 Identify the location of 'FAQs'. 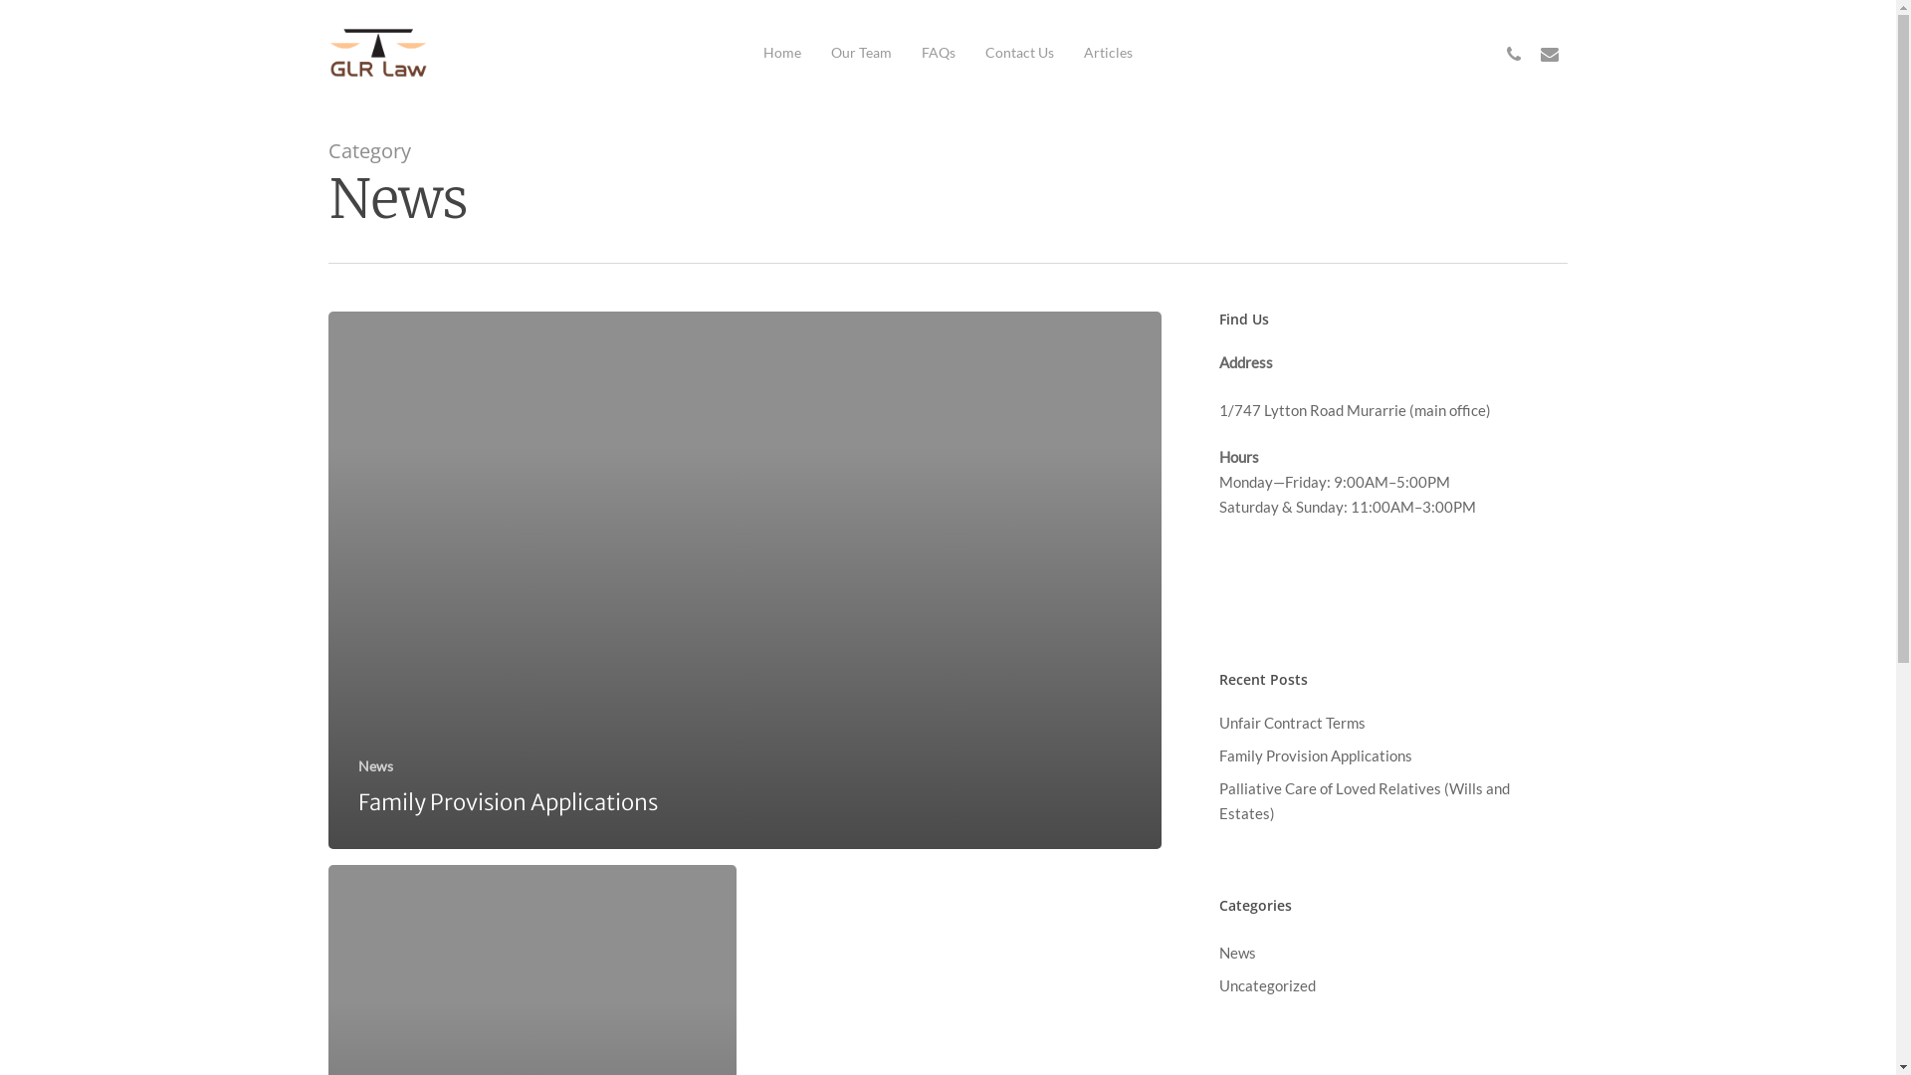
(937, 52).